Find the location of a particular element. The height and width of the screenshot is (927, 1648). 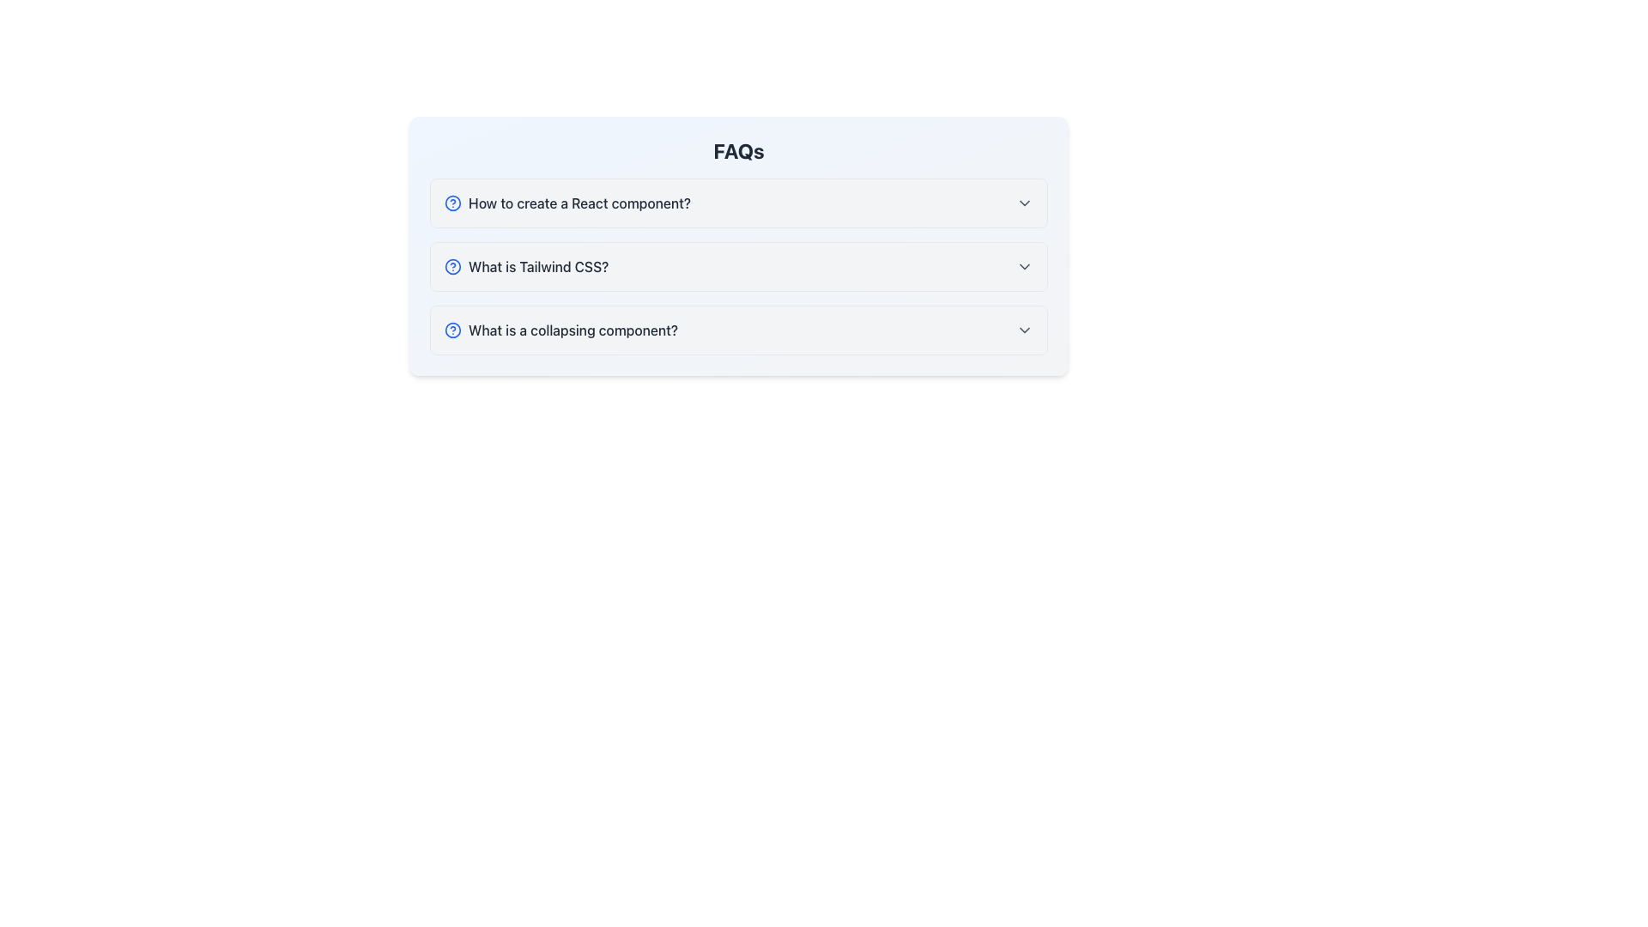

the blue circular icon that resembles a help mark, located to the left of the text 'What is a collapsing component?' in the FAQ section is located at coordinates (453, 330).